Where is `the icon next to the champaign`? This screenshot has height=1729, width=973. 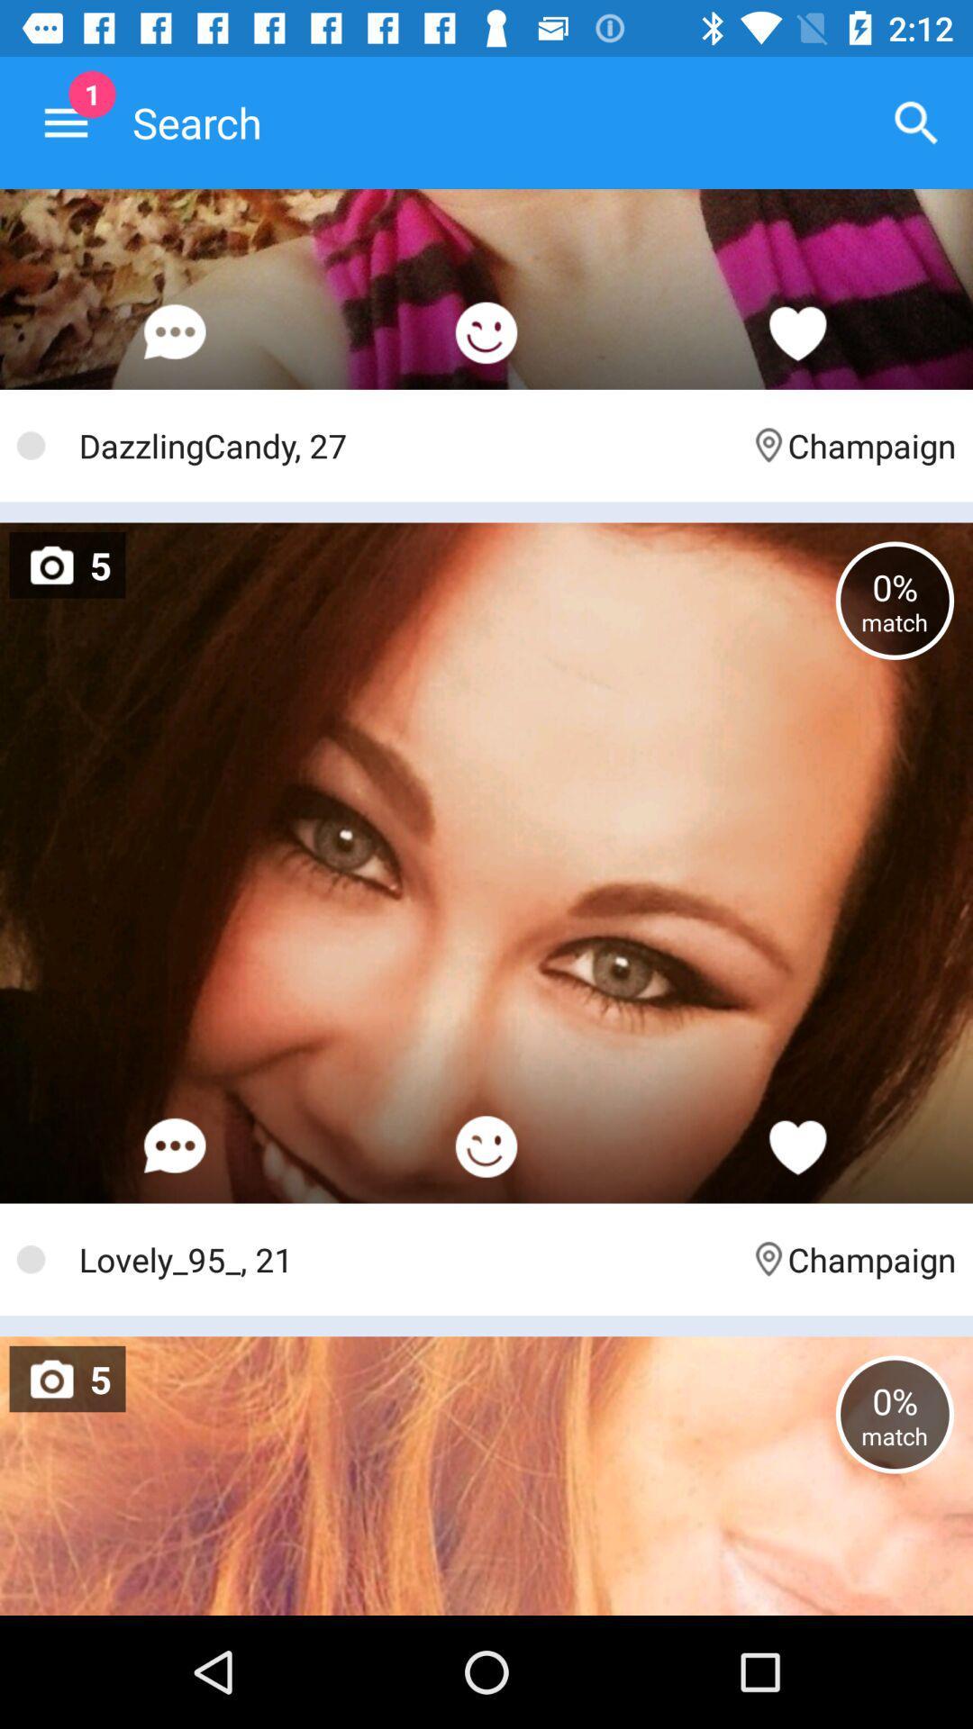 the icon next to the champaign is located at coordinates (405, 445).